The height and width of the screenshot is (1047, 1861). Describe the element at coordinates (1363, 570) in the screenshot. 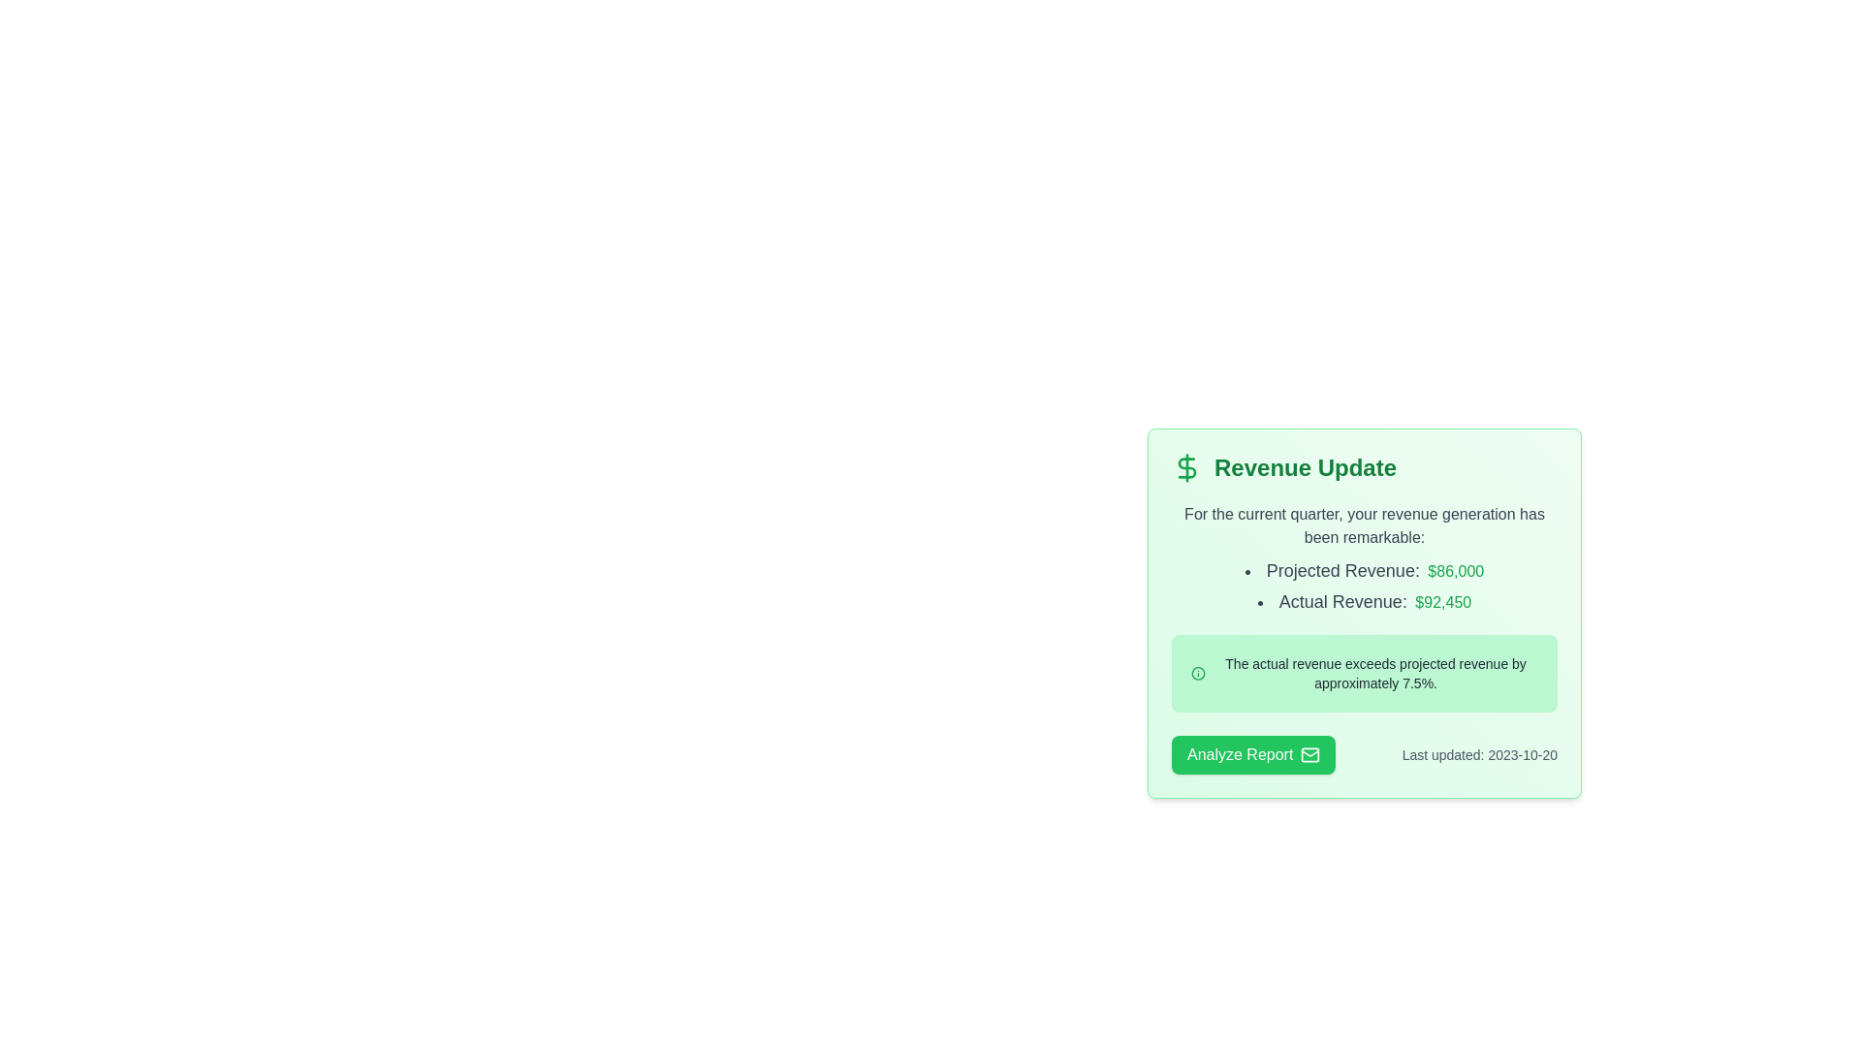

I see `projected revenue figure displayed in the first text label of the bullet-point list under the 'Revenue Update' section` at that location.